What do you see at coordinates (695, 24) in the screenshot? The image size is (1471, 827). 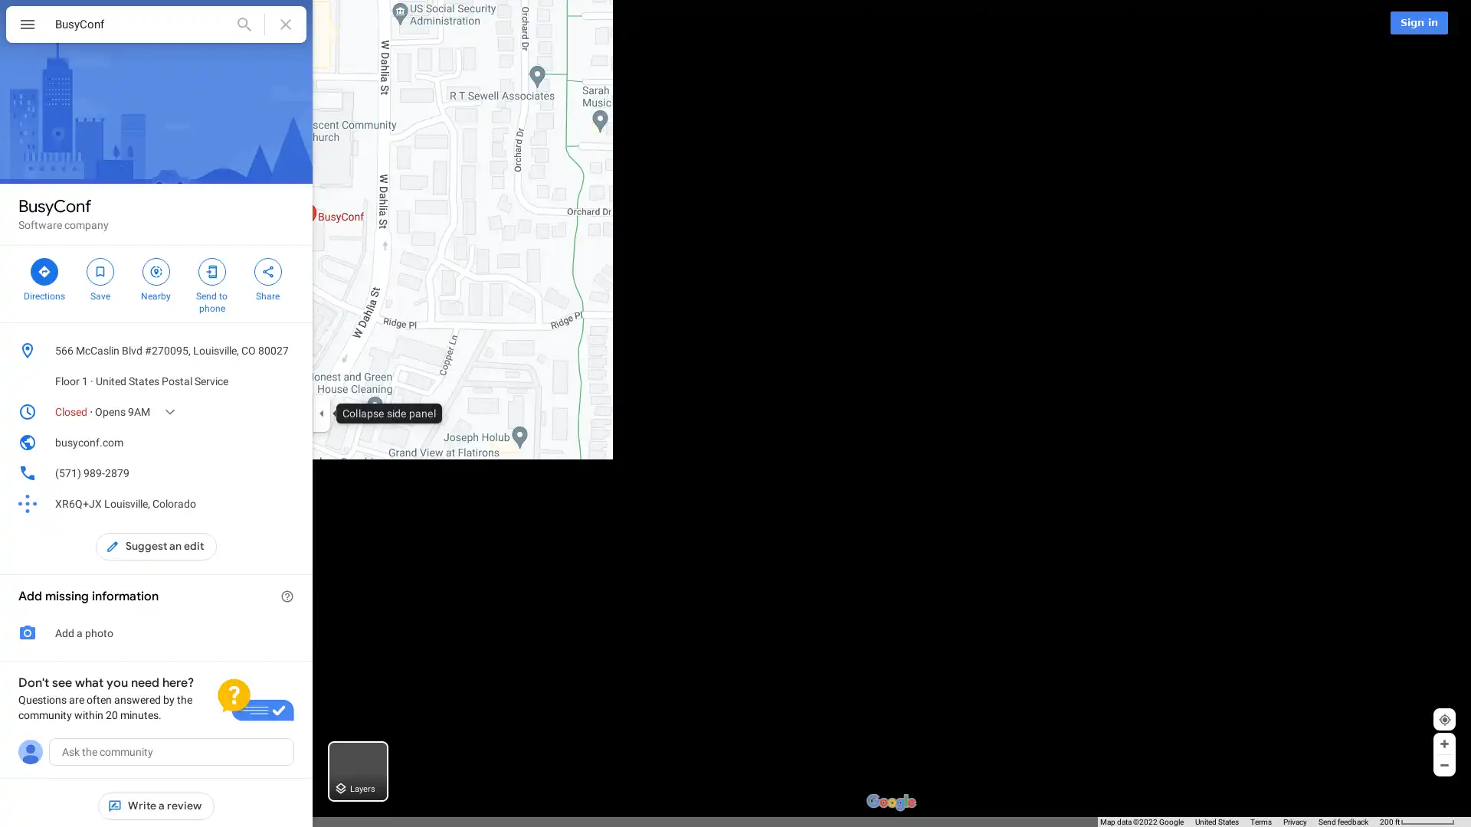 I see `Parking` at bounding box center [695, 24].